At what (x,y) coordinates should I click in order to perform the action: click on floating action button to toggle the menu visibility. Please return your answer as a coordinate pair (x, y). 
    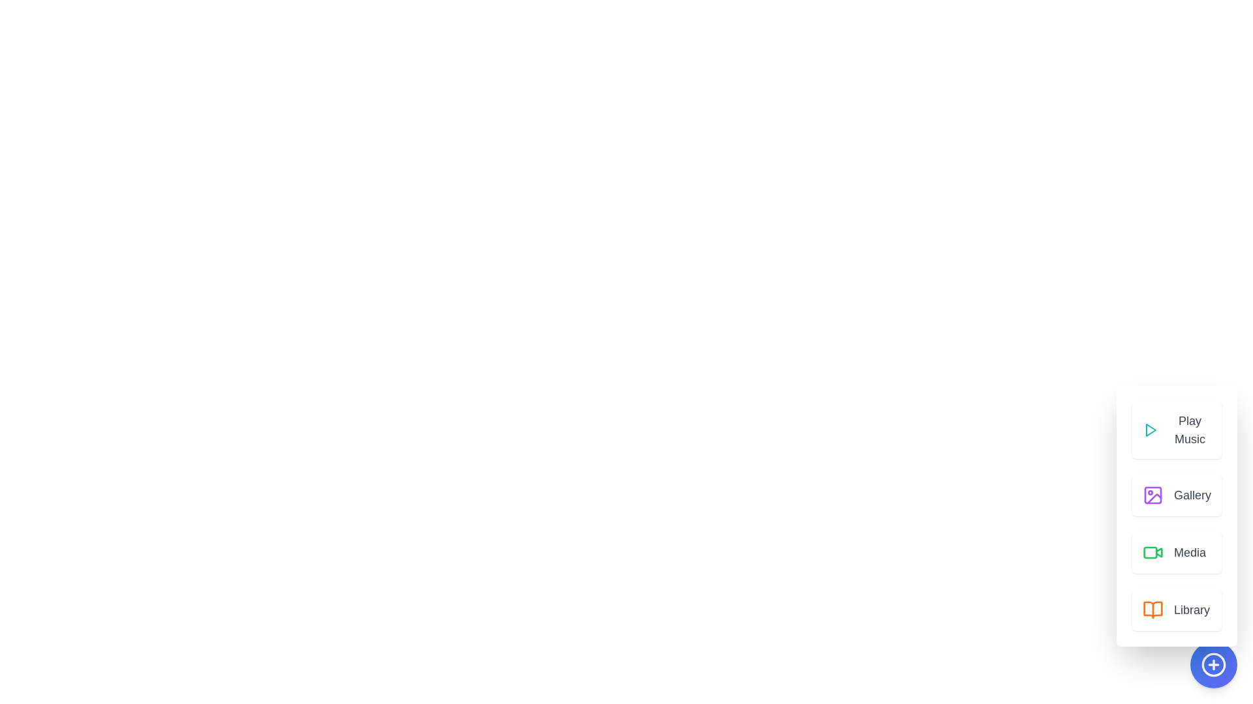
    Looking at the image, I should click on (1213, 664).